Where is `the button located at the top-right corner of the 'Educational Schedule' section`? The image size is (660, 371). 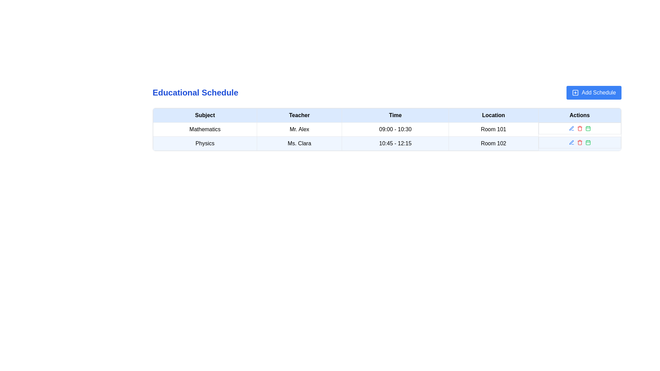
the button located at the top-right corner of the 'Educational Schedule' section is located at coordinates (594, 93).